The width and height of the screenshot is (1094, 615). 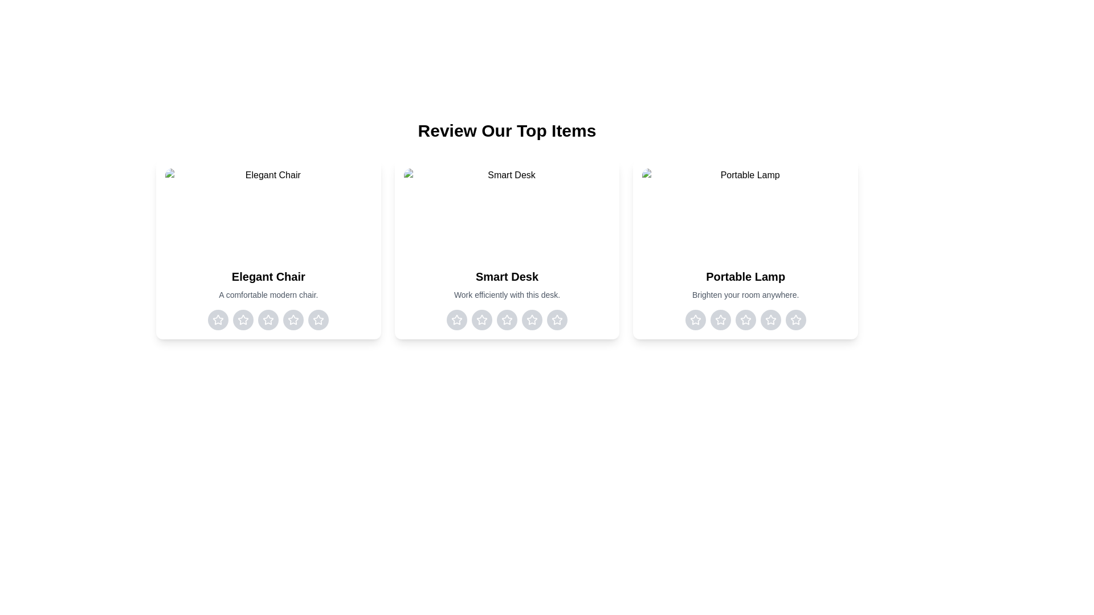 I want to click on the rating for the item 'Elegant Chair' to 2 stars, so click(x=243, y=320).